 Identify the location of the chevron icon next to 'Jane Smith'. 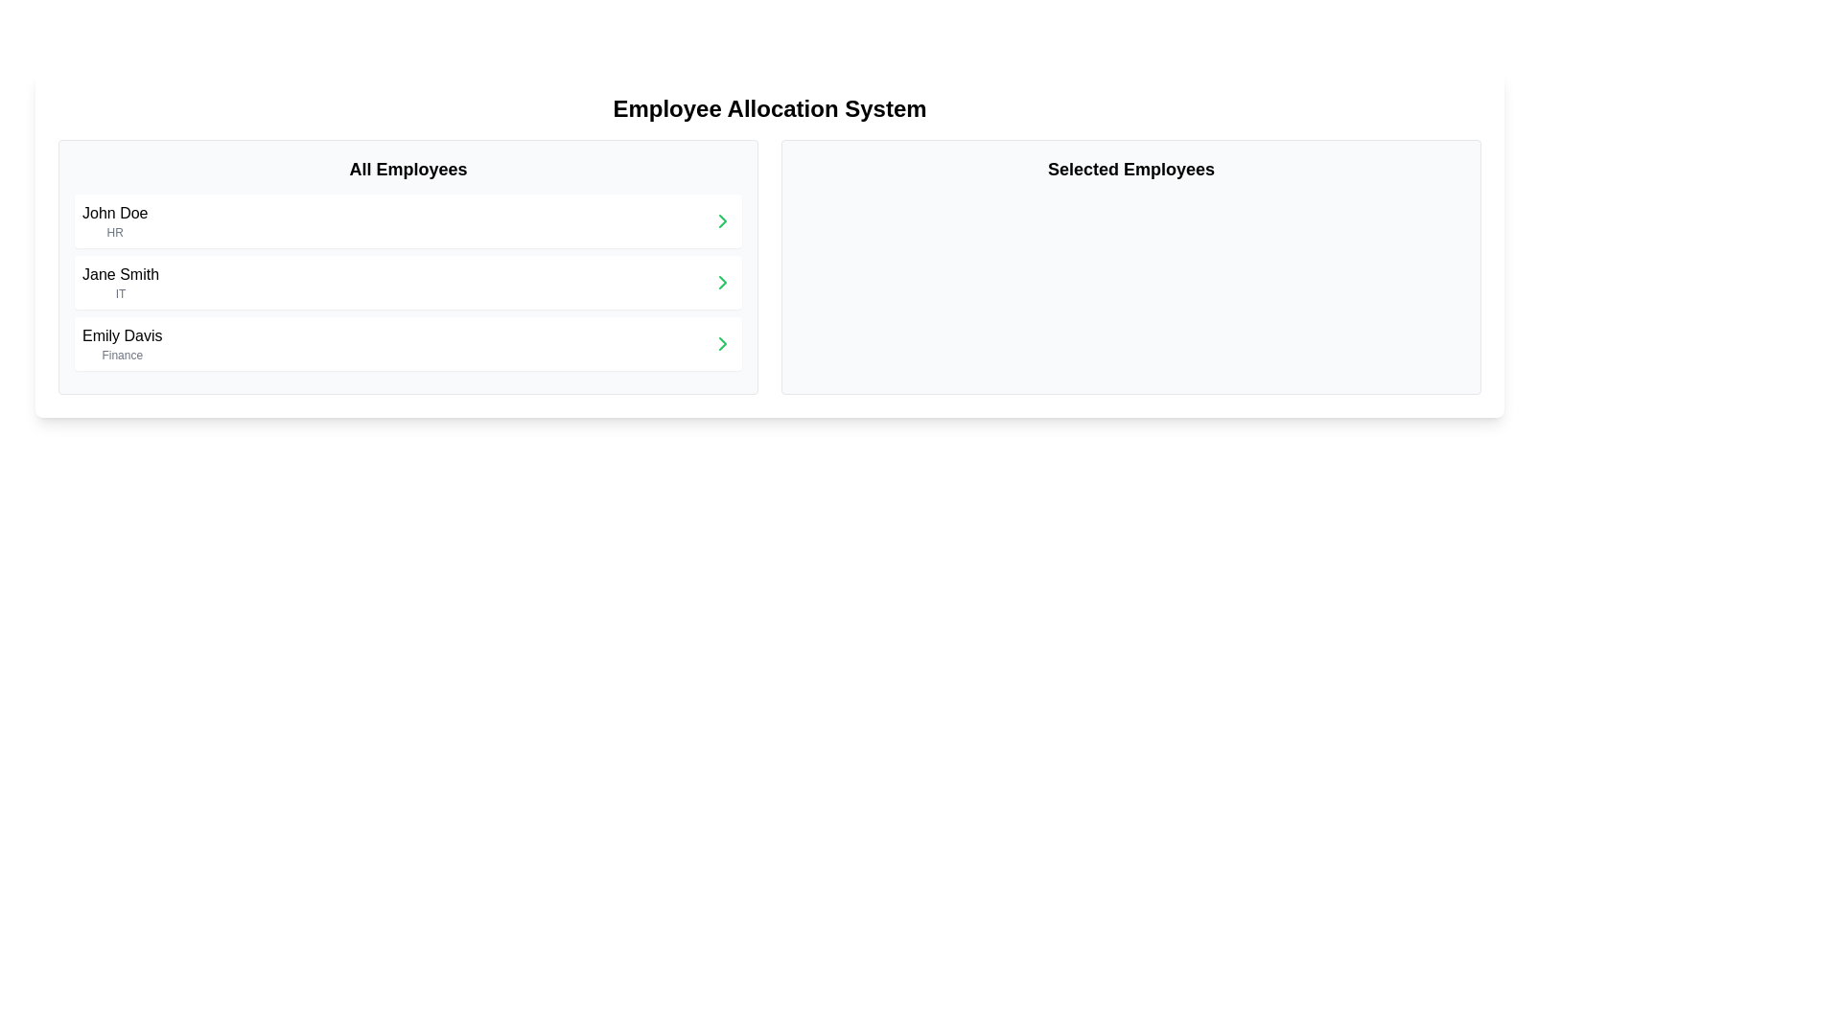
(721, 282).